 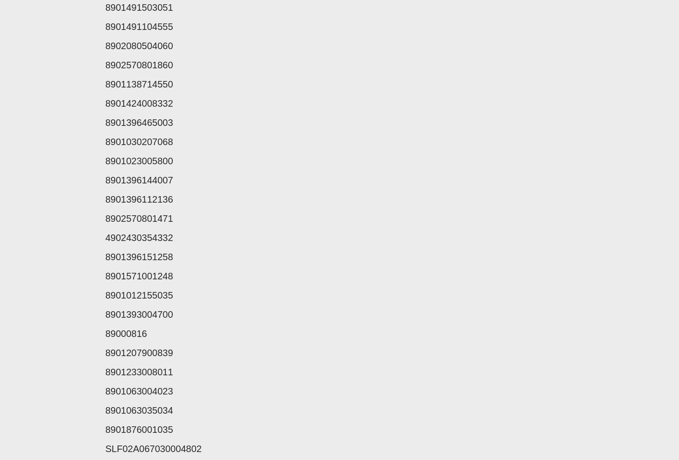 What do you see at coordinates (105, 410) in the screenshot?
I see `'8901063035034'` at bounding box center [105, 410].